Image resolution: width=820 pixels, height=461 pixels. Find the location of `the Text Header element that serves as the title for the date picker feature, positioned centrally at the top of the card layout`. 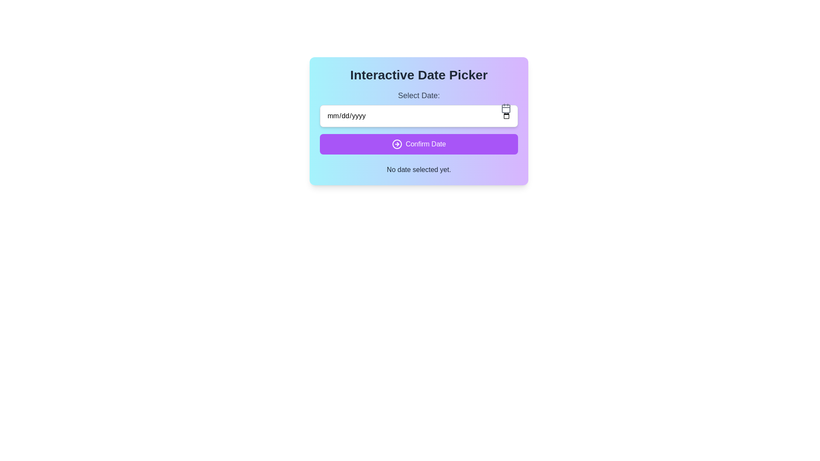

the Text Header element that serves as the title for the date picker feature, positioned centrally at the top of the card layout is located at coordinates (419, 75).